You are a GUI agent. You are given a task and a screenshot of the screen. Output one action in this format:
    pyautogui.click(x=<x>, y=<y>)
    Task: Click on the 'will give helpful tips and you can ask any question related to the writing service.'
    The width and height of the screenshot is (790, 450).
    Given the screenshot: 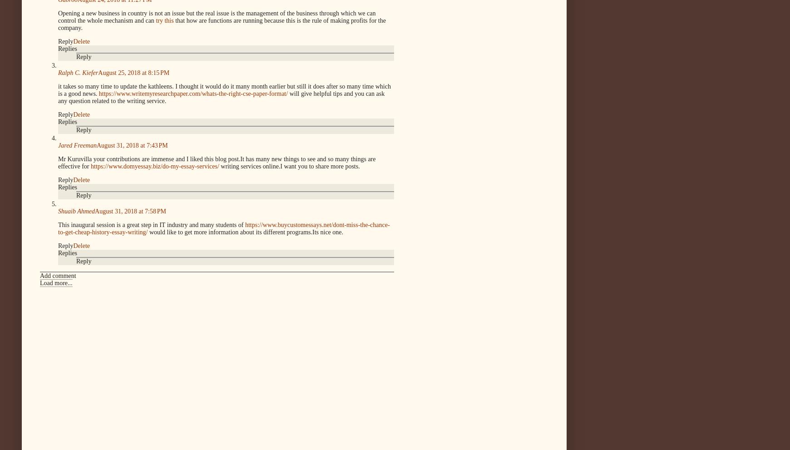 What is the action you would take?
    pyautogui.click(x=221, y=96)
    